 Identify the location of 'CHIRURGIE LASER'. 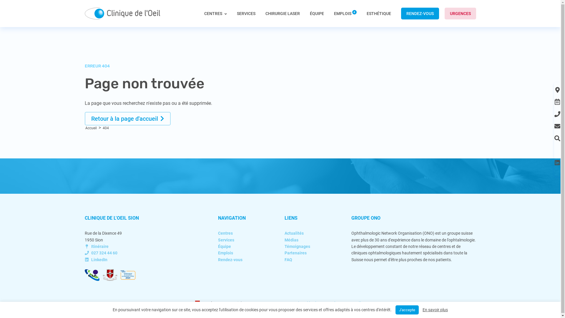
(282, 13).